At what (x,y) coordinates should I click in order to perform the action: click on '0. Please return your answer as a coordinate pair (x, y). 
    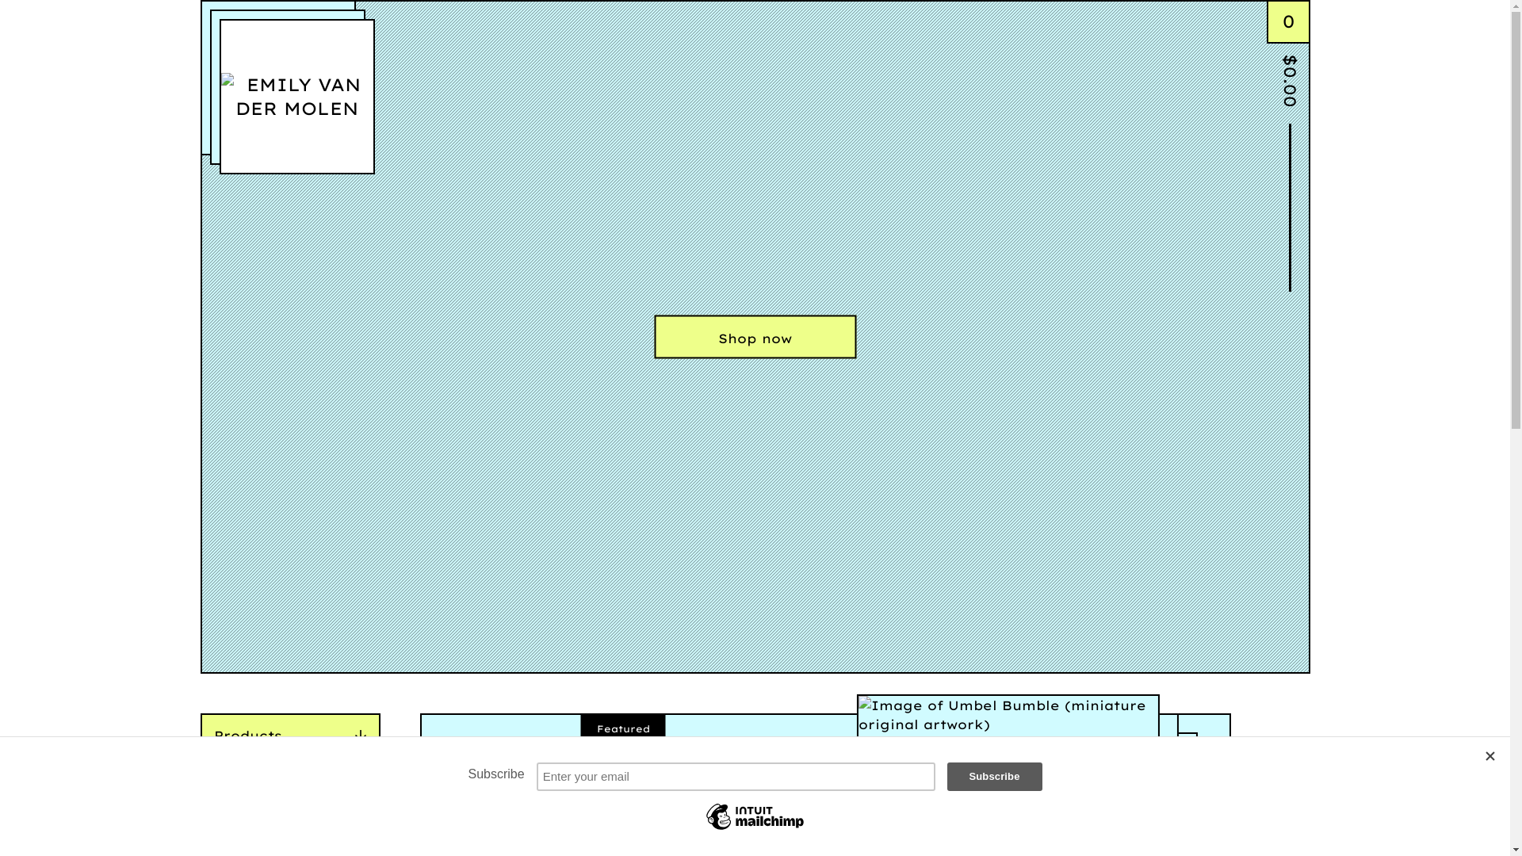
    Looking at the image, I should click on (1266, 58).